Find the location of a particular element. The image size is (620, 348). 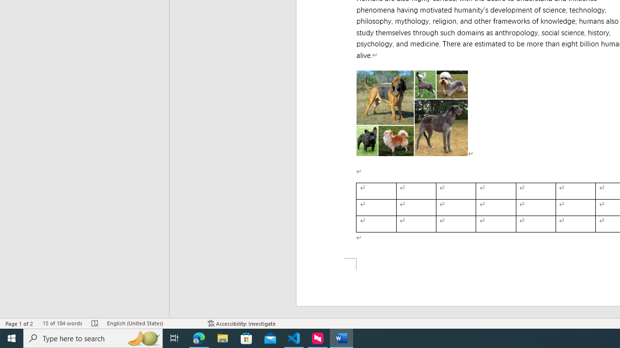

'Word - 1 running window' is located at coordinates (341, 337).